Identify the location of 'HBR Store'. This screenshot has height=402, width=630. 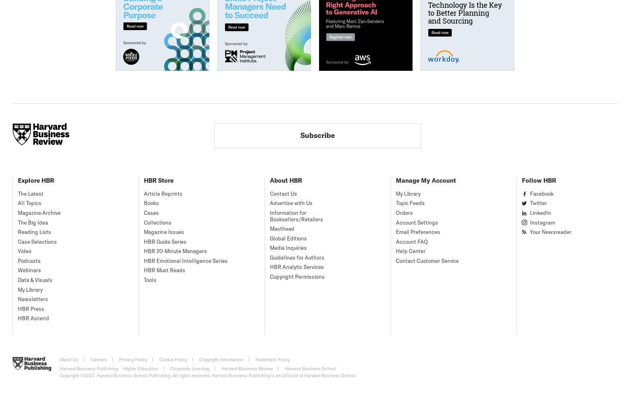
(159, 180).